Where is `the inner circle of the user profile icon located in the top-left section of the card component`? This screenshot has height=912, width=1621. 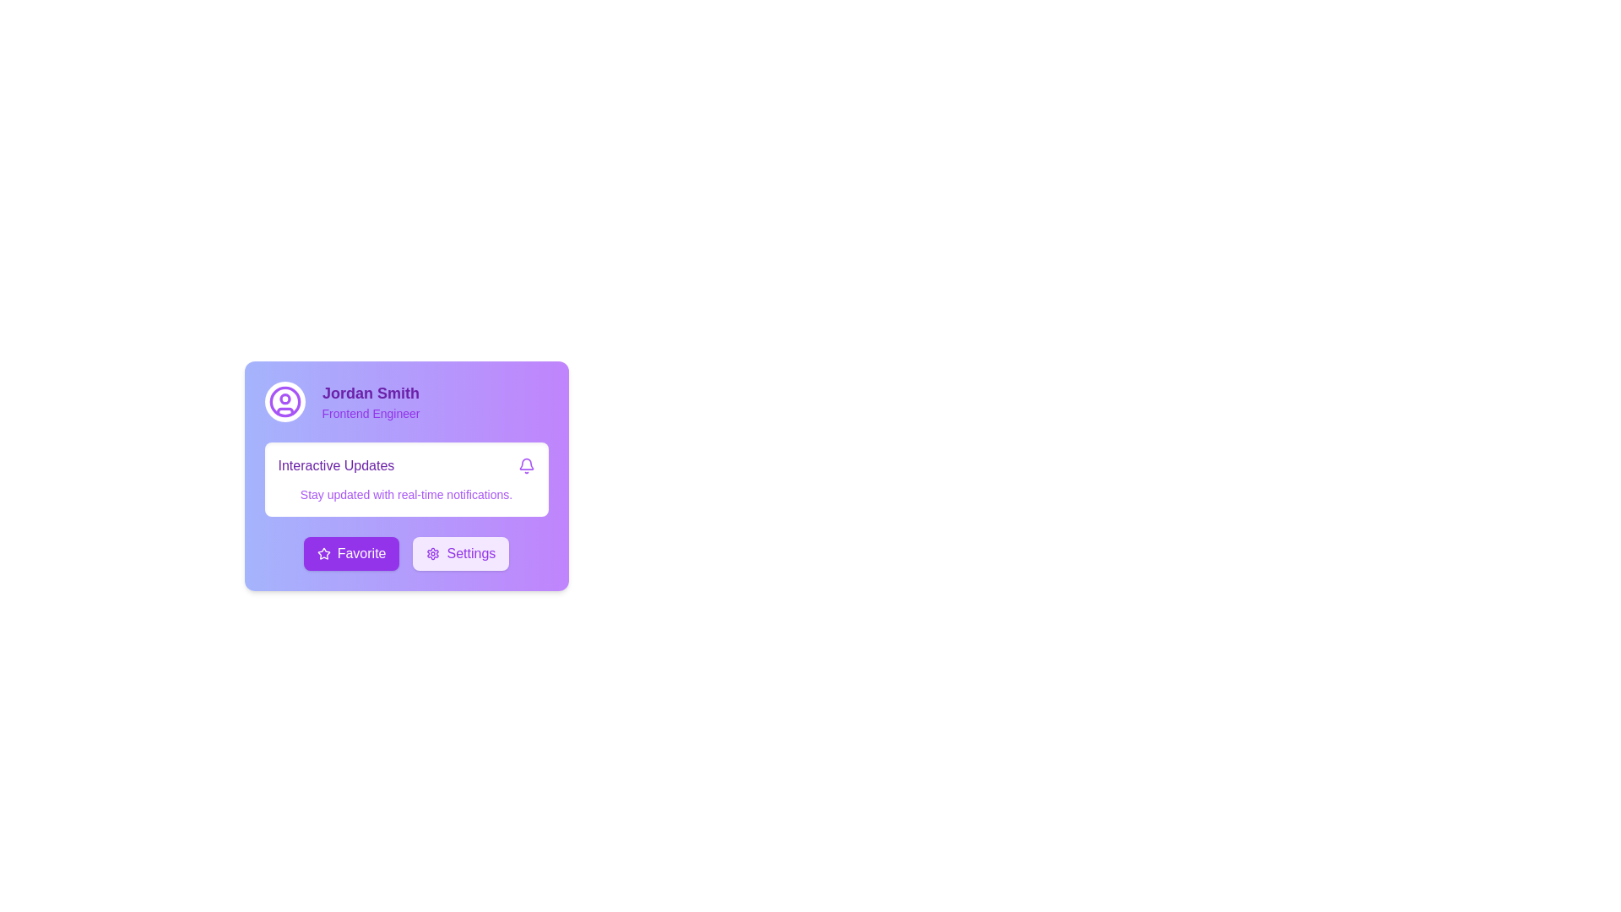
the inner circle of the user profile icon located in the top-left section of the card component is located at coordinates (285, 399).